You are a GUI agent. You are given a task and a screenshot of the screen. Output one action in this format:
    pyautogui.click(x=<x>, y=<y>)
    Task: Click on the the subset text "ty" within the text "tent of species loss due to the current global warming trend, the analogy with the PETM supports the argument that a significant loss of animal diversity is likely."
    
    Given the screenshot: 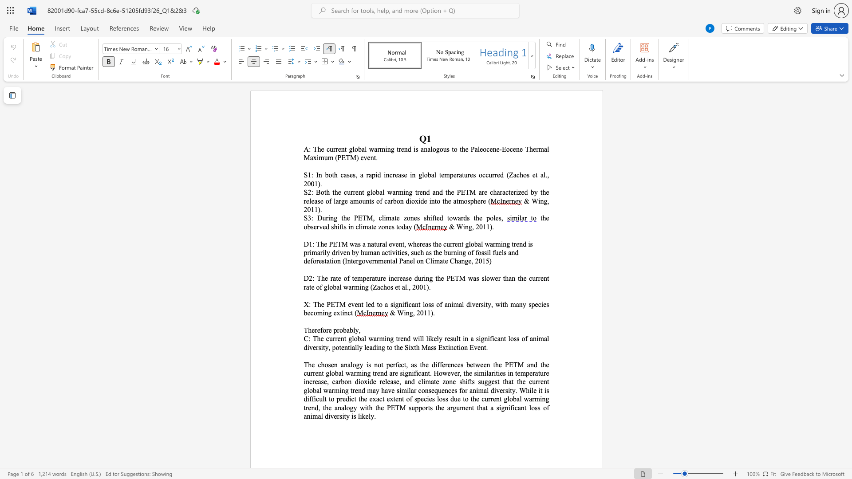 What is the action you would take?
    pyautogui.click(x=343, y=416)
    